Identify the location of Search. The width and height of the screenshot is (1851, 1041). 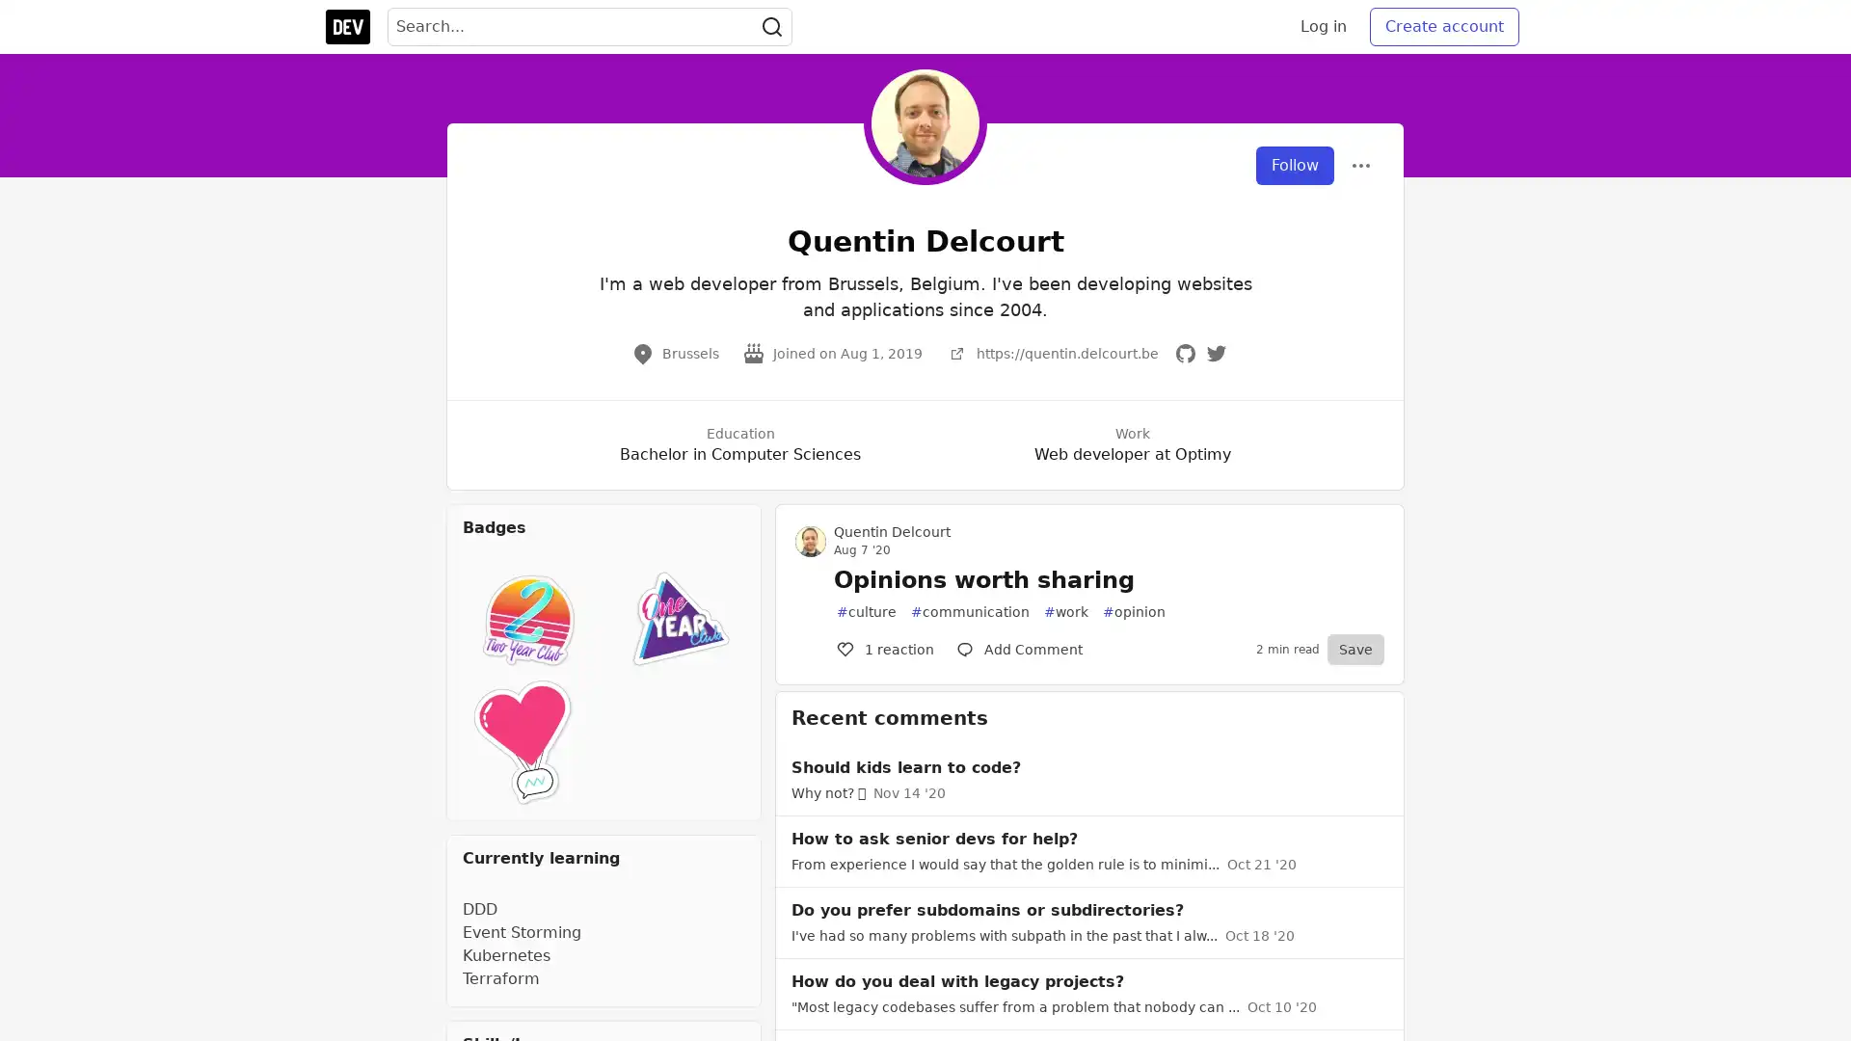
(772, 26).